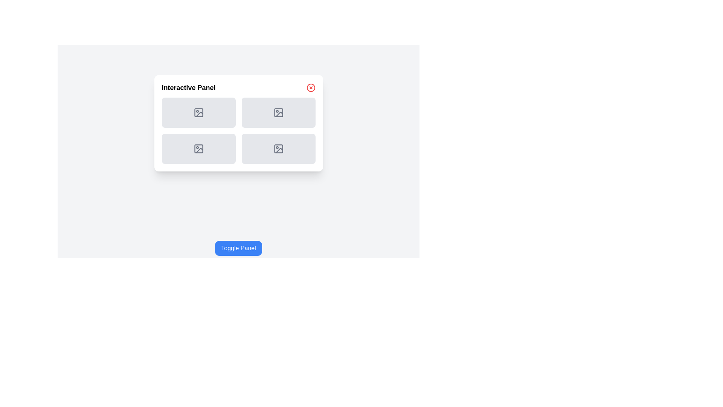  I want to click on the photo frame icon, which is the fourth item in the grid of the 'Interactive Panel', so click(278, 148).